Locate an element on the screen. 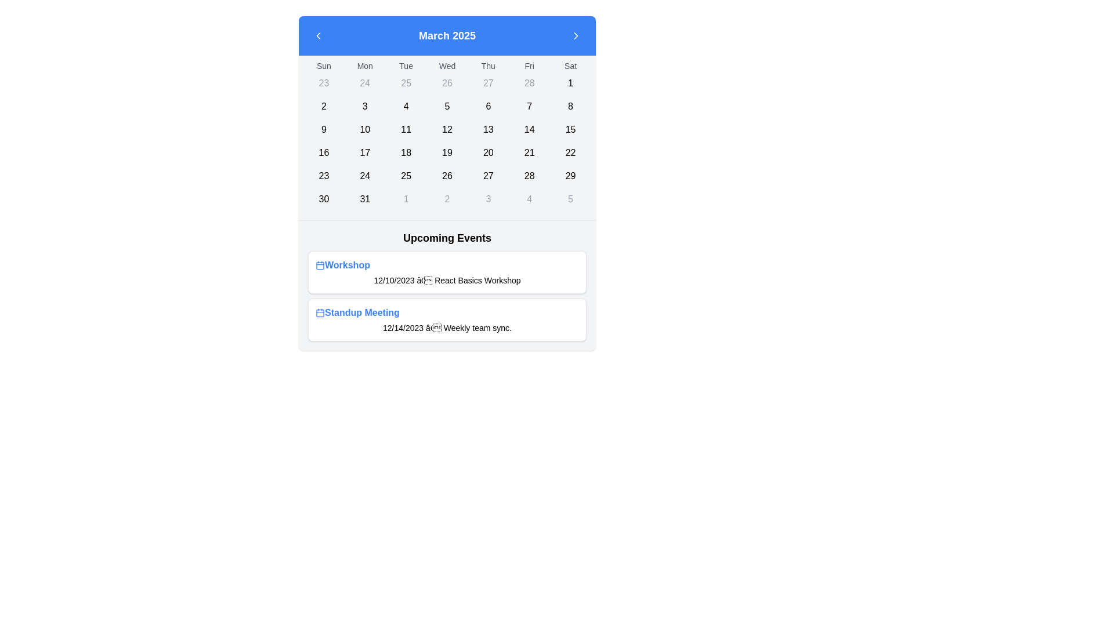  the circular button displaying the number '9' in black text, which is located in the second column of the second row of the monthly calendar view for March 2025 is located at coordinates (324, 129).